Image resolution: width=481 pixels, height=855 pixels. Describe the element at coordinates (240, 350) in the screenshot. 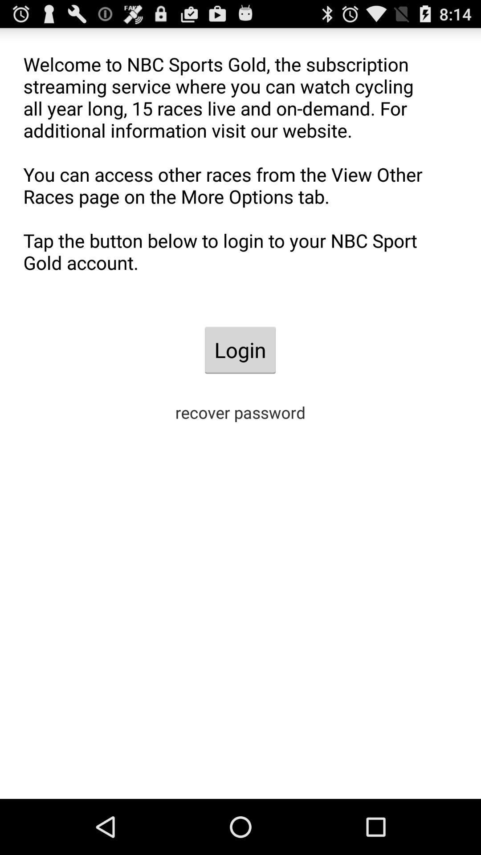

I see `the login item` at that location.